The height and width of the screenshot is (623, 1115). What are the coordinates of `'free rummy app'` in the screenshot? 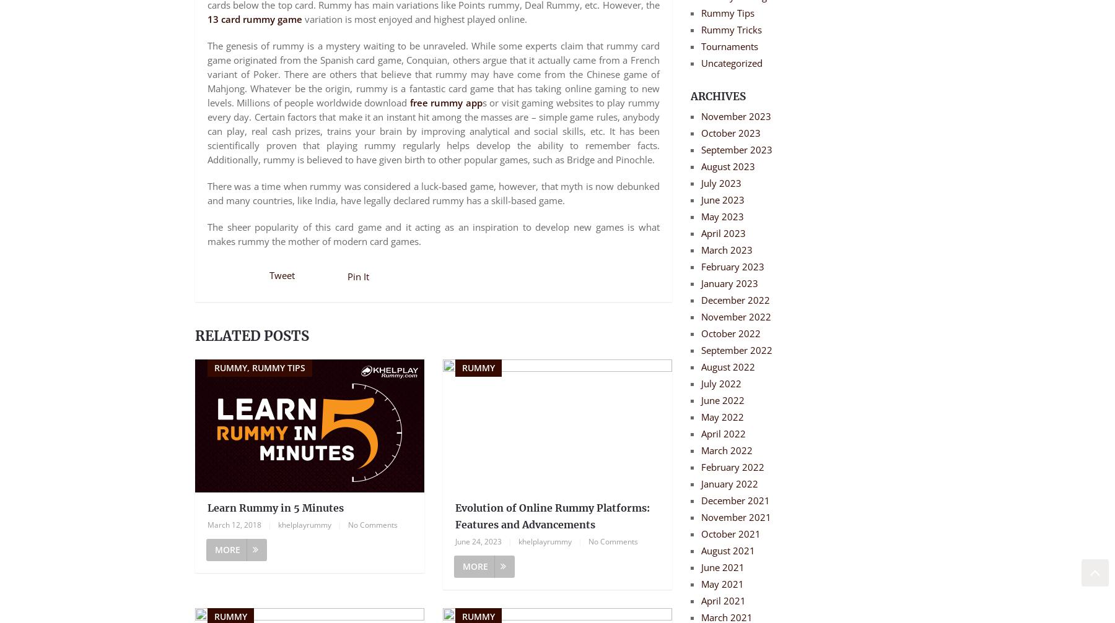 It's located at (445, 102).